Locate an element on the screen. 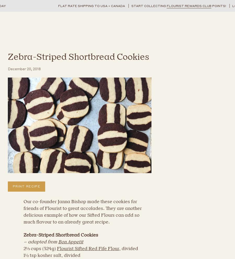  'Please note, comments must be approved before they are published' is located at coordinates (7, 226).